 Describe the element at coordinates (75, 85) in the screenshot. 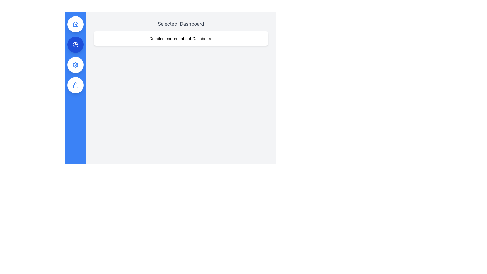

I see `the lock icon in the vertically stacked navigation bar on the left side of the interface, which signifies security-related settings` at that location.